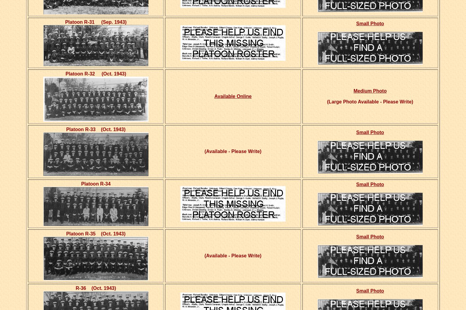 The image size is (466, 310). I want to click on 'Medium 
                
                Photo', so click(353, 91).